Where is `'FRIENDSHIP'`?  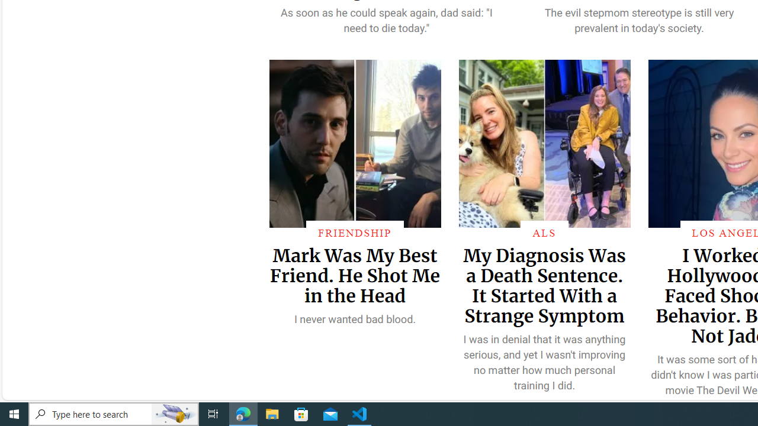 'FRIENDSHIP' is located at coordinates (354, 233).